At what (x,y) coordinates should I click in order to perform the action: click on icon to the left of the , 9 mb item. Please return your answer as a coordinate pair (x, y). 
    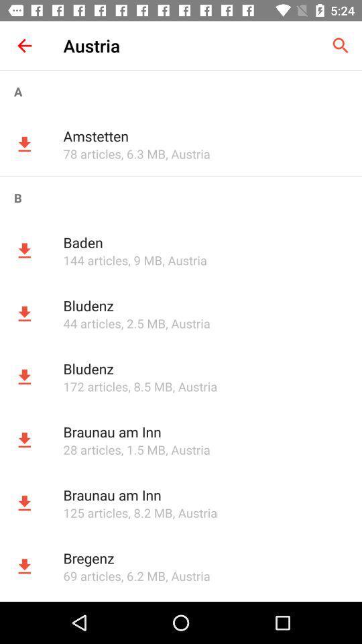
    Looking at the image, I should click on (95, 260).